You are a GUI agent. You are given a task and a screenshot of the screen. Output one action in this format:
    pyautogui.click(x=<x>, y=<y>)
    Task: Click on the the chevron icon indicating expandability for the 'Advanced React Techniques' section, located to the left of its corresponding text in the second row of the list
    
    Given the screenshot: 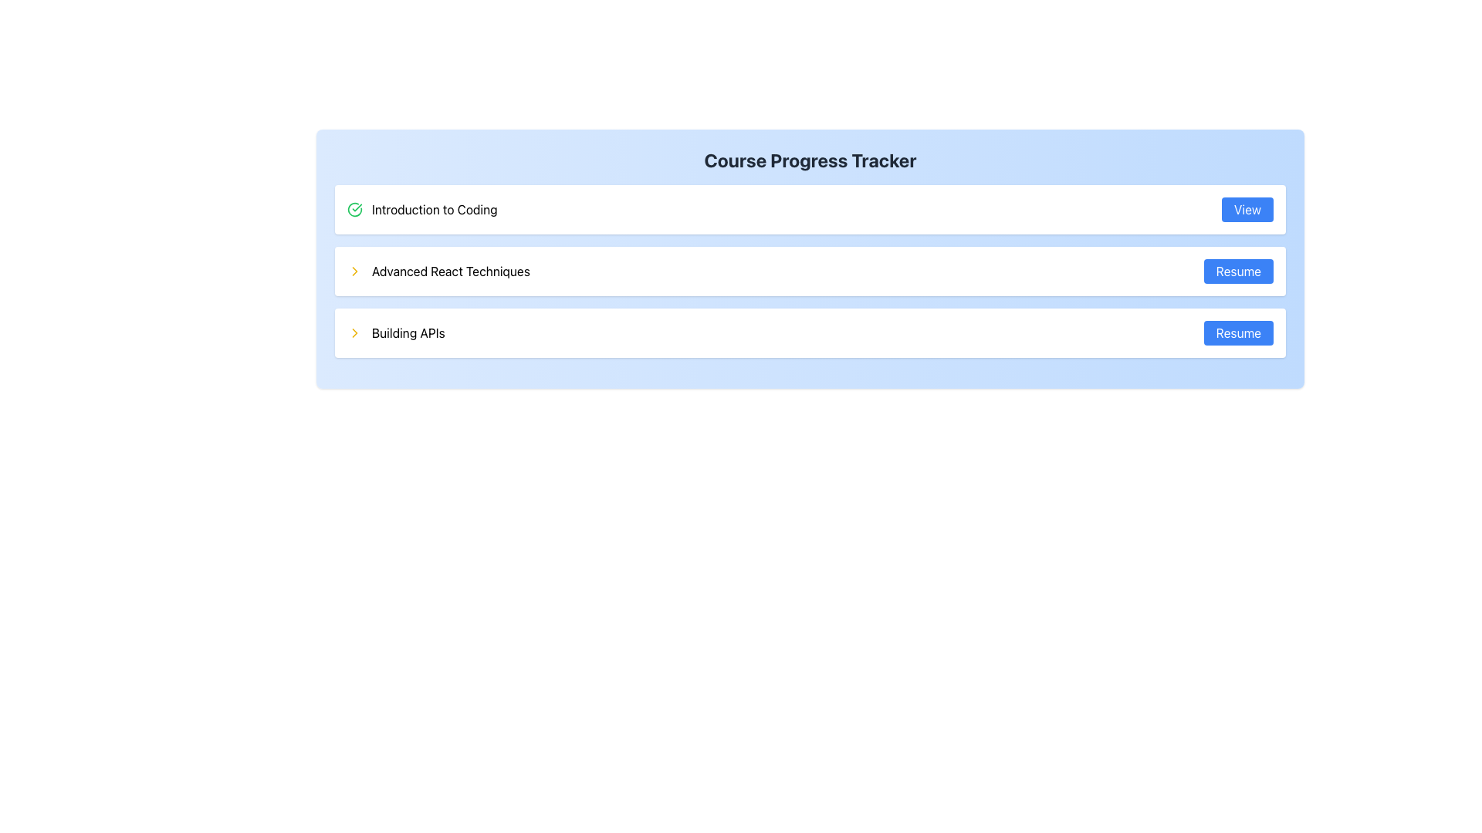 What is the action you would take?
    pyautogui.click(x=354, y=270)
    